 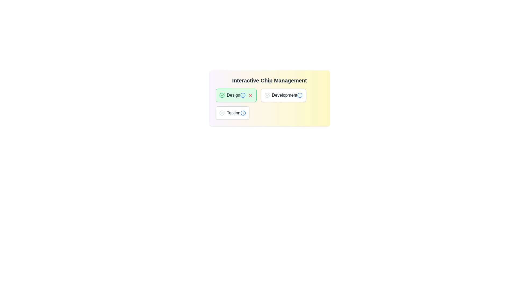 I want to click on the chip labeled Design, so click(x=236, y=95).